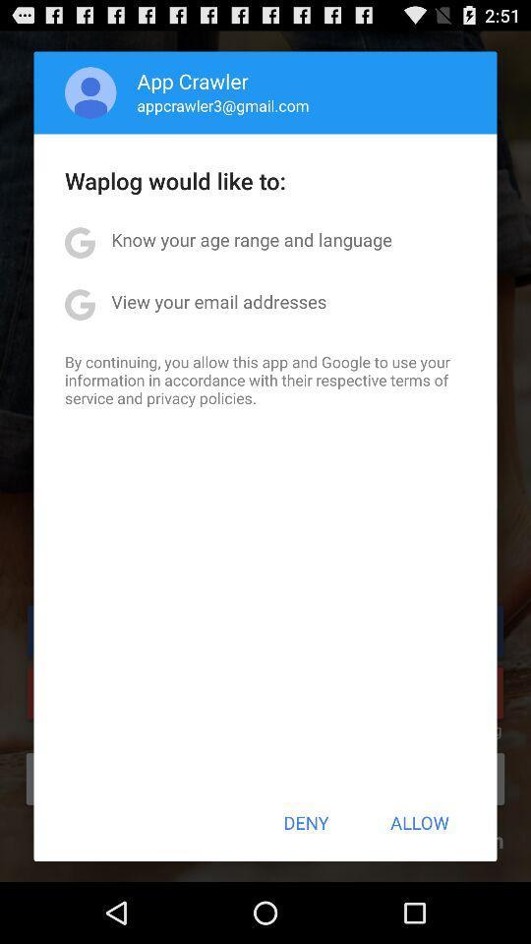 Image resolution: width=531 pixels, height=944 pixels. Describe the element at coordinates (193, 81) in the screenshot. I see `icon above the appcrawler3@gmail.com` at that location.